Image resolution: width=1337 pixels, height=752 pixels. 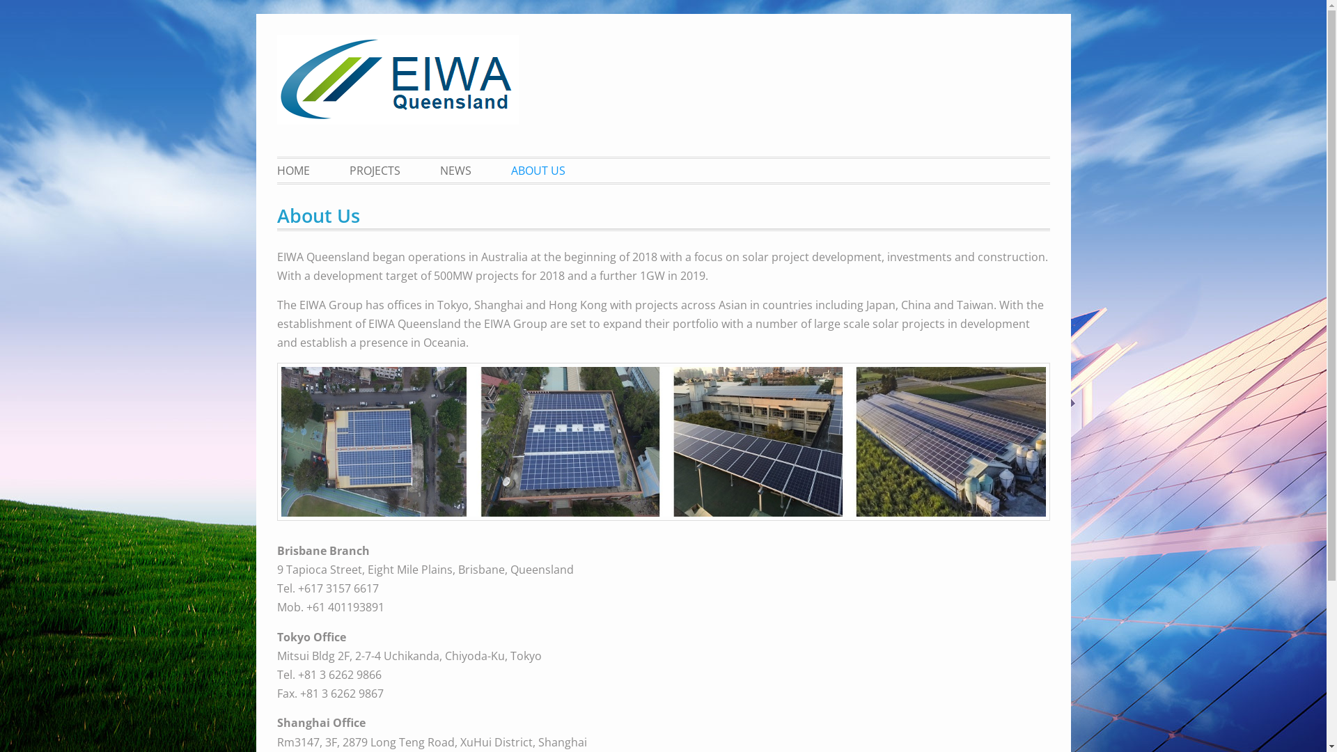 What do you see at coordinates (330, 170) in the screenshot?
I see `'PROJECTS'` at bounding box center [330, 170].